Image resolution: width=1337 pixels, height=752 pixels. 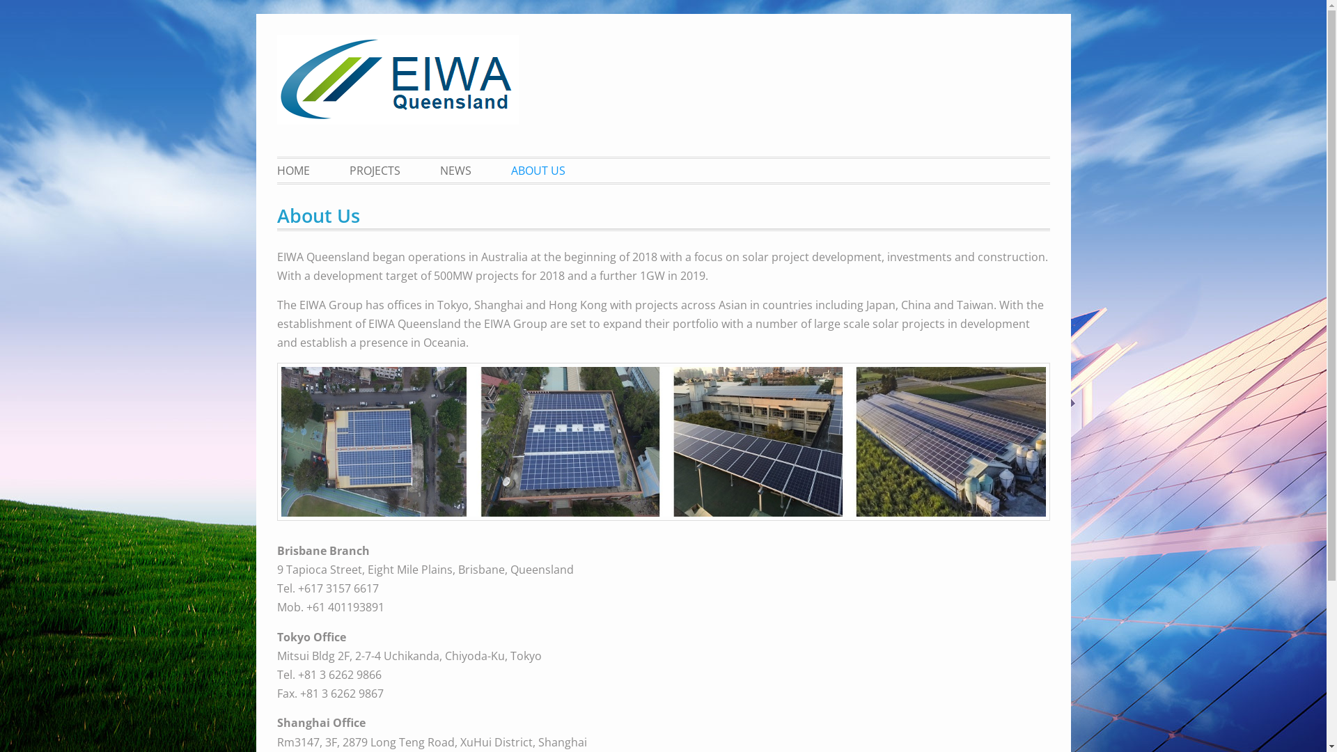 What do you see at coordinates (330, 170) in the screenshot?
I see `'PROJECTS'` at bounding box center [330, 170].